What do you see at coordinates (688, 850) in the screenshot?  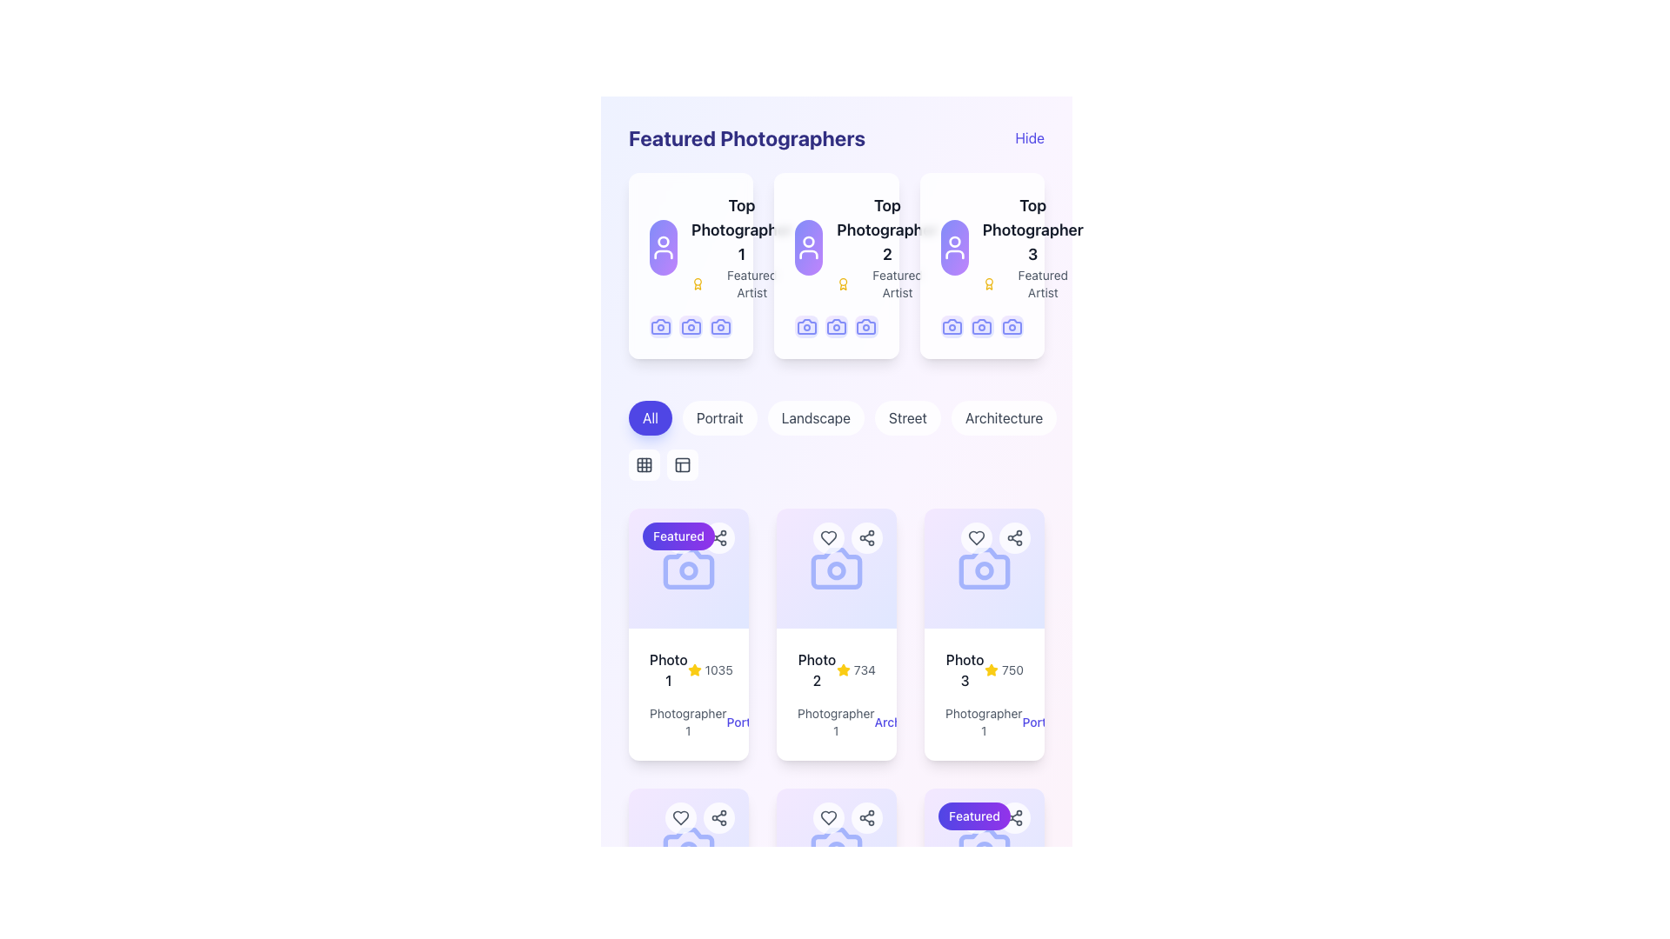 I see `the decorative lens icon of the camera, which is a small circle located within the camera icon in the middle section of the interface` at bounding box center [688, 850].